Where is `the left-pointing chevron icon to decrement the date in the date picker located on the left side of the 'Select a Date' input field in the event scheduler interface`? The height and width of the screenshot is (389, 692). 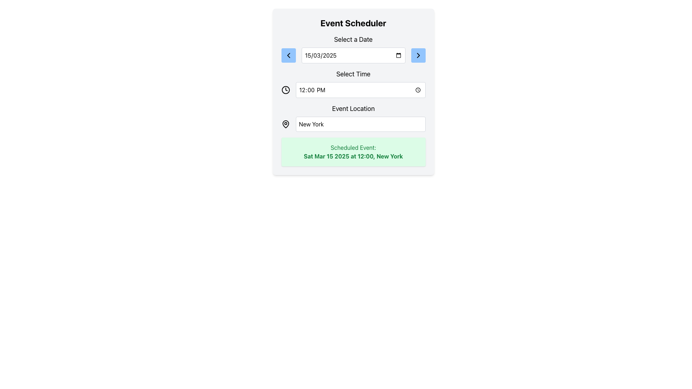
the left-pointing chevron icon to decrement the date in the date picker located on the left side of the 'Select a Date' input field in the event scheduler interface is located at coordinates (288, 55).